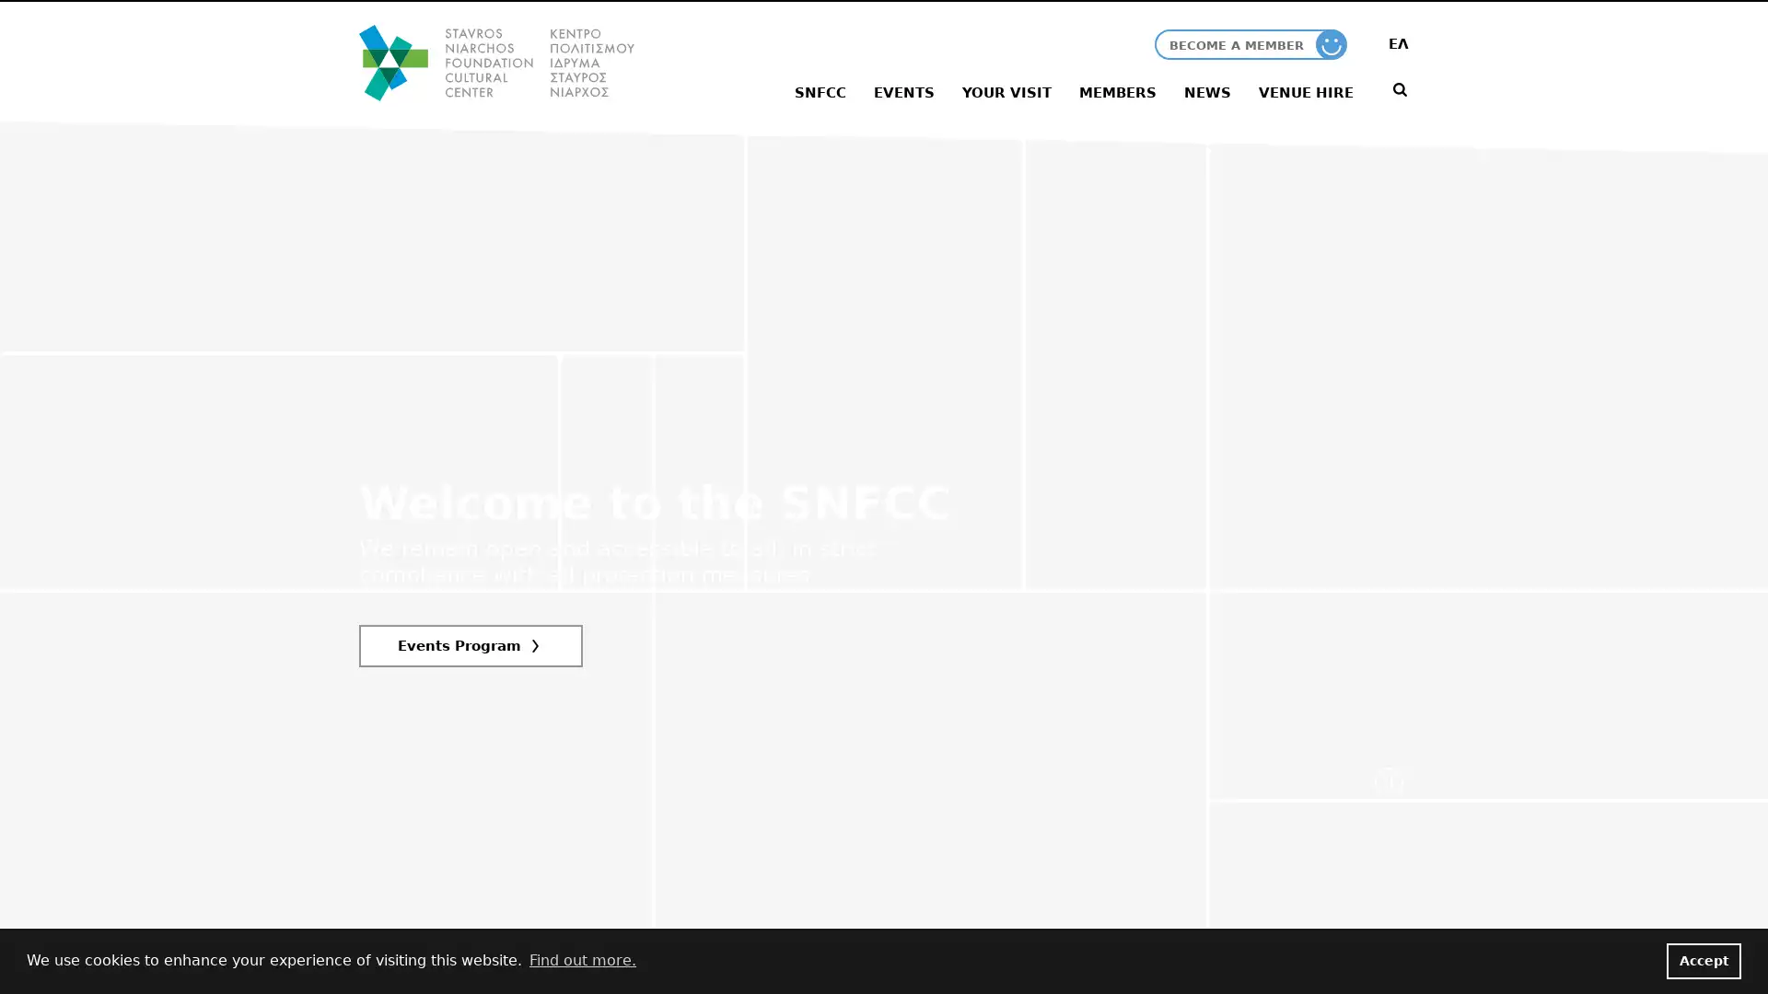 Image resolution: width=1768 pixels, height=994 pixels. I want to click on learn more about cookies, so click(581, 960).